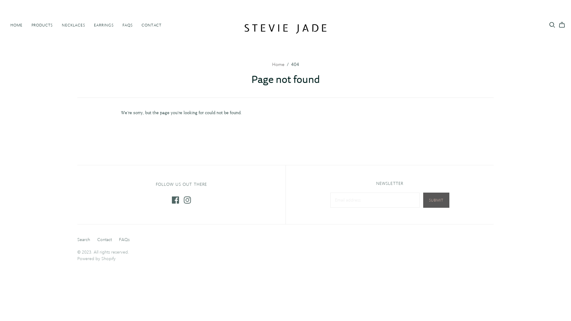 This screenshot has width=571, height=321. Describe the element at coordinates (278, 64) in the screenshot. I see `'Home'` at that location.